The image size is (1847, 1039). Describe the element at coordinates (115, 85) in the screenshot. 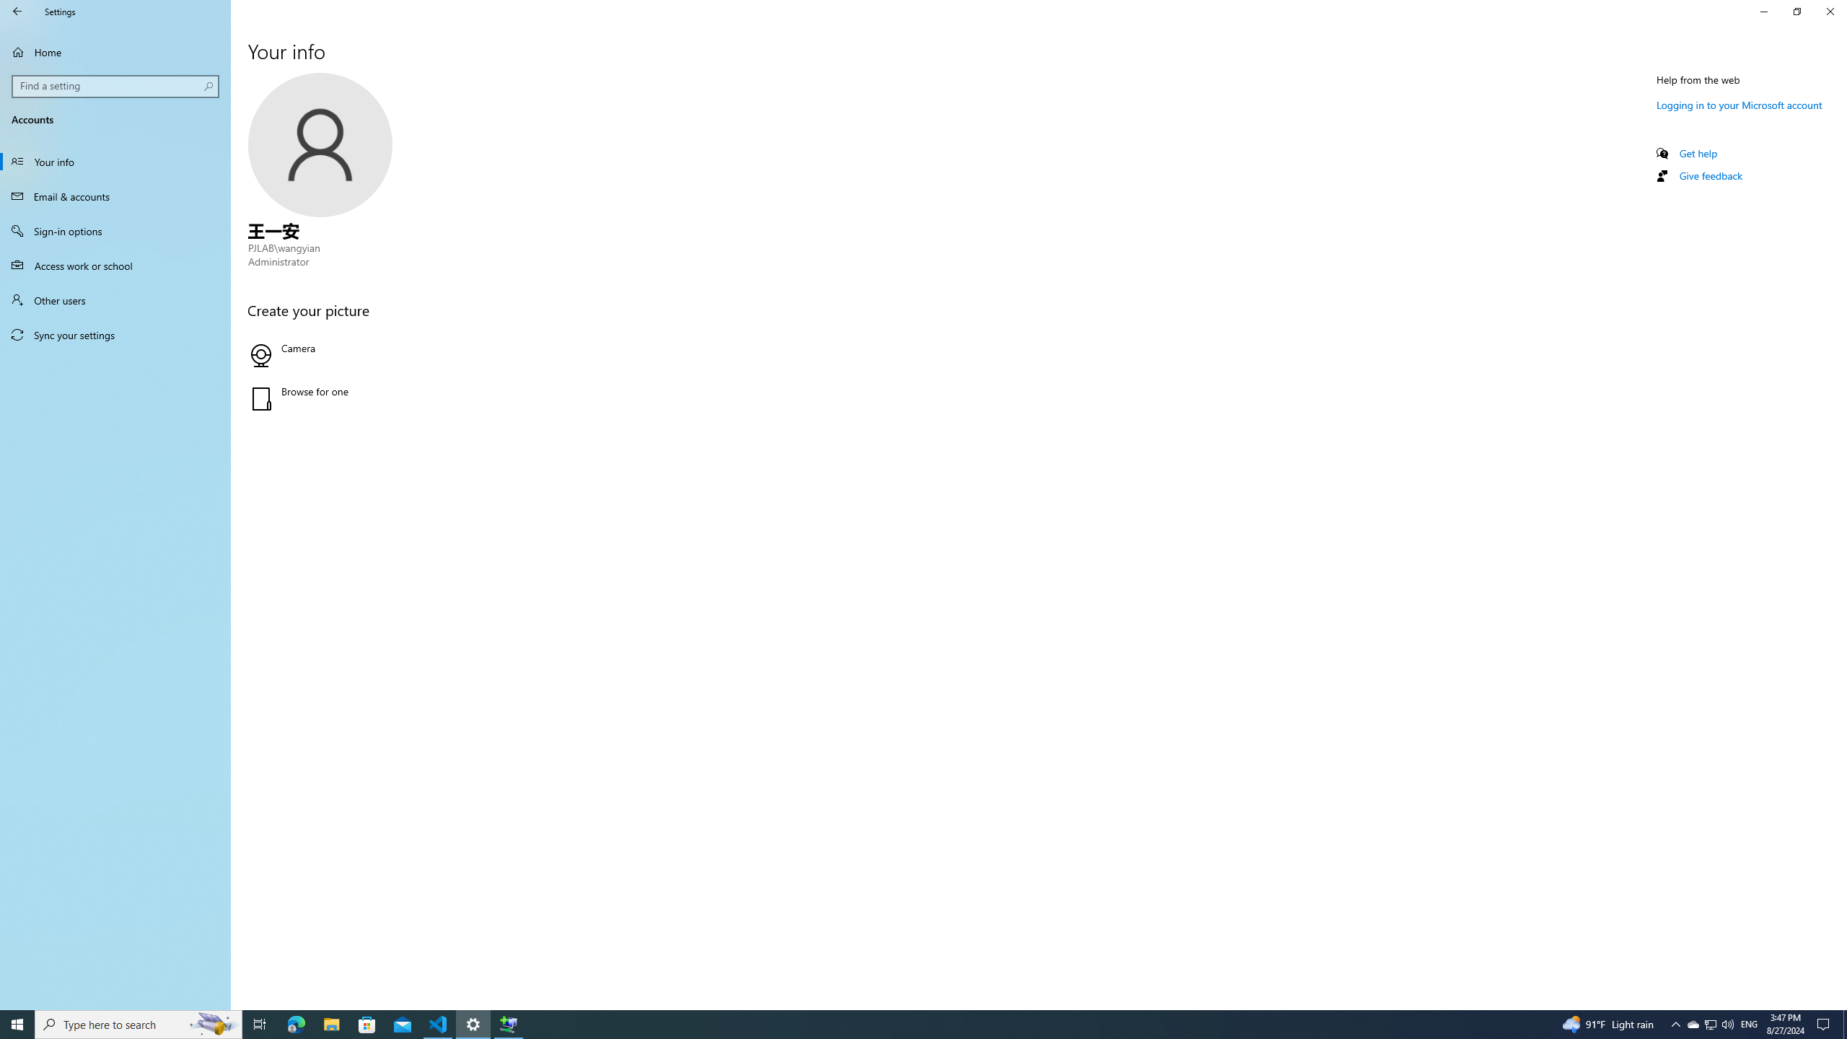

I see `'Search box, Find a setting'` at that location.